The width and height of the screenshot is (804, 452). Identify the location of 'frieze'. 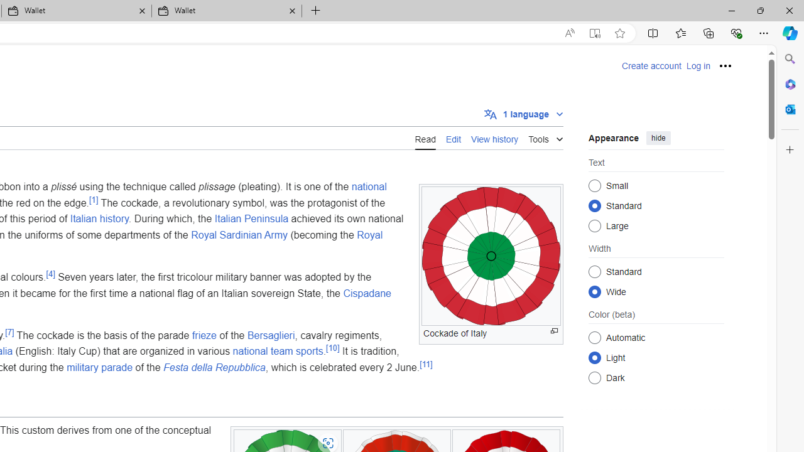
(204, 334).